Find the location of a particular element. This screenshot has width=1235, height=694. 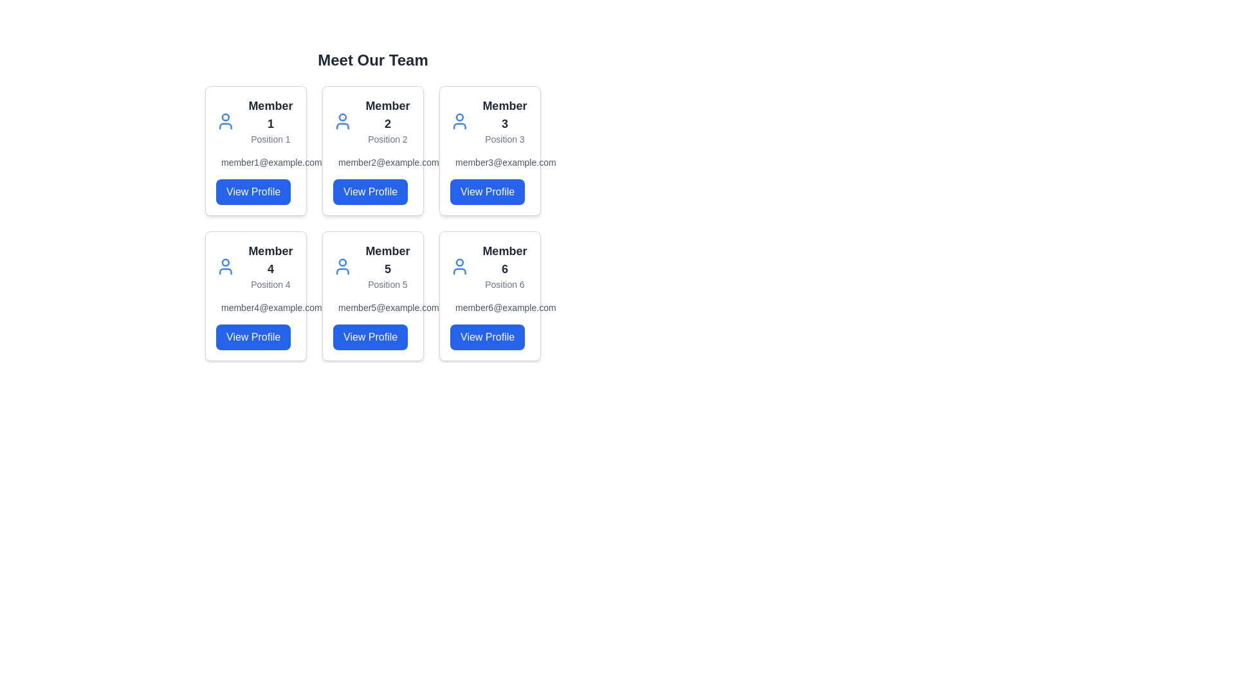

the 'View Profile' button for 'Member 3' to observe visual changes is located at coordinates (487, 192).